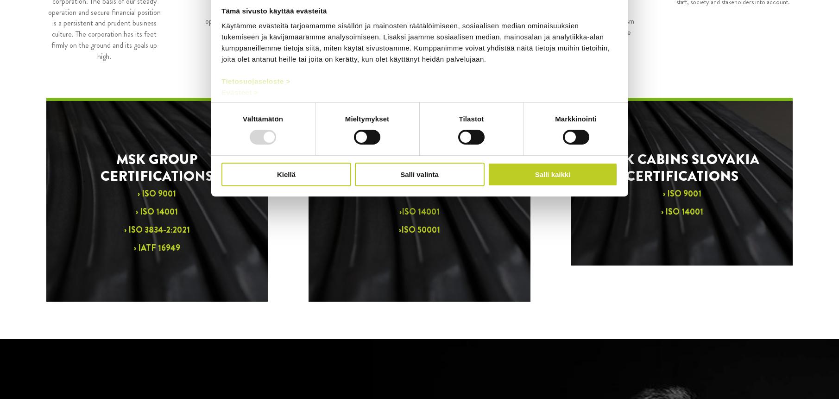  Describe the element at coordinates (221, 81) in the screenshot. I see `'Tietosuojaseloste >'` at that location.